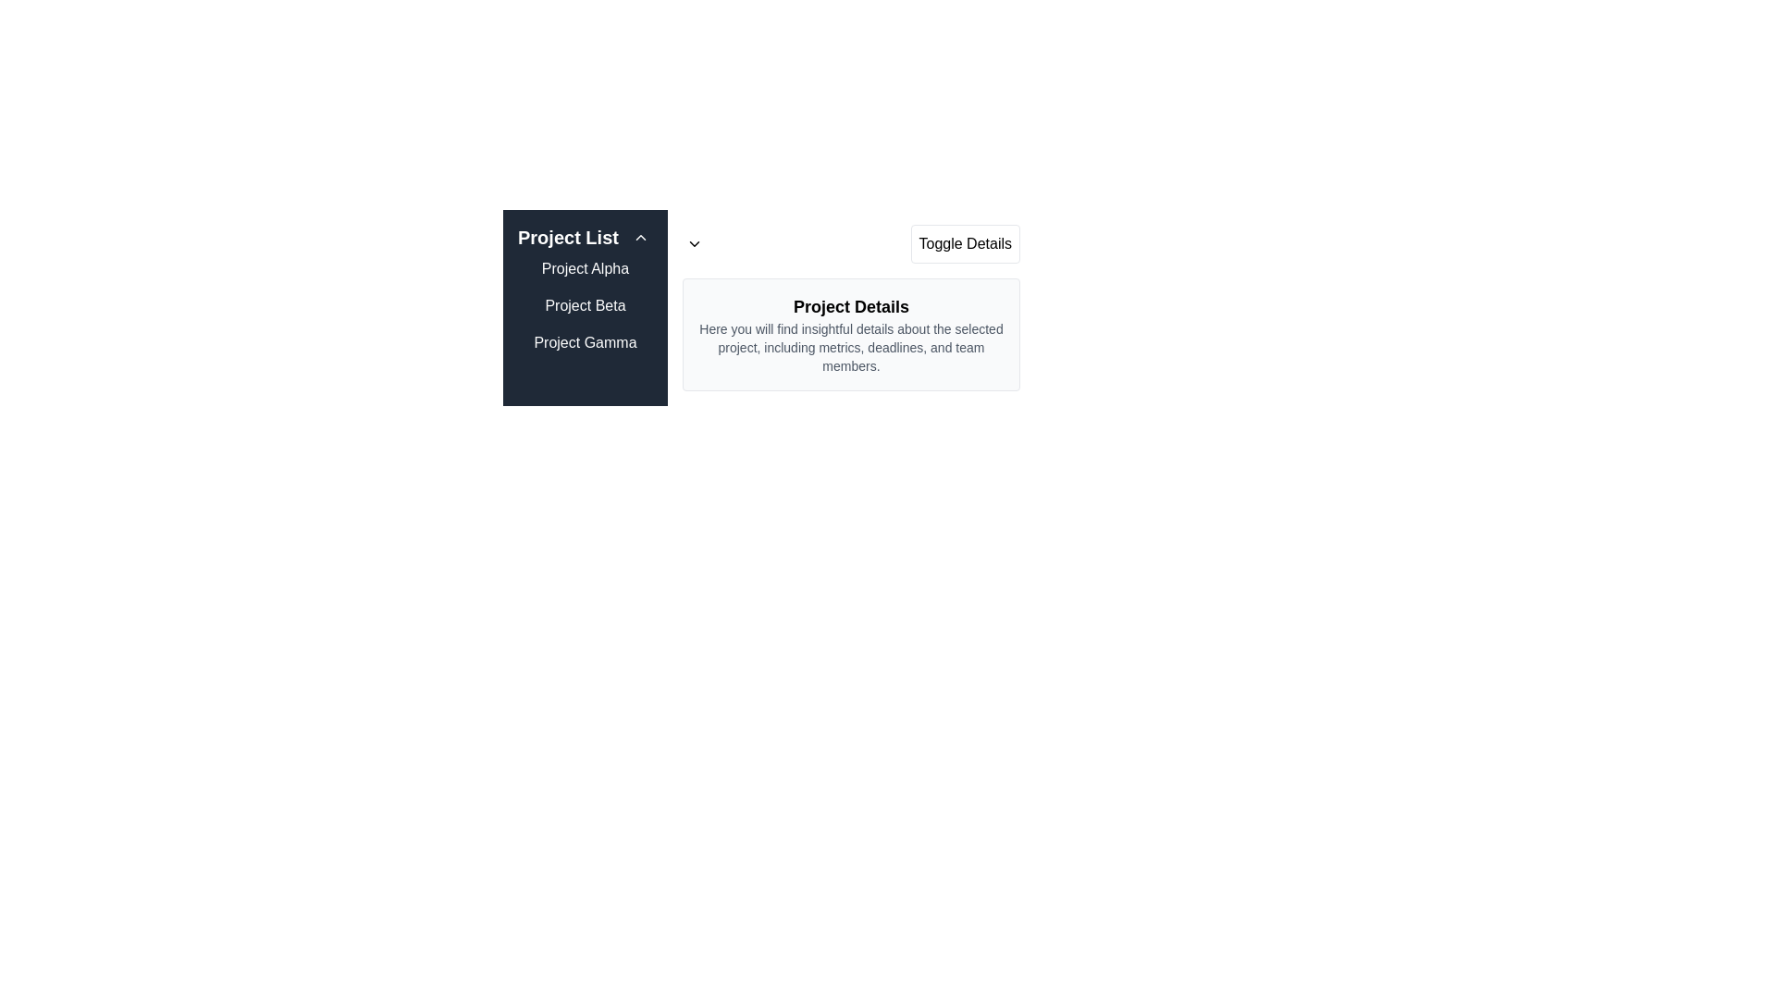  I want to click on the selectable list item representing 'Project Gamma' in the project navigation menu, so click(585, 342).